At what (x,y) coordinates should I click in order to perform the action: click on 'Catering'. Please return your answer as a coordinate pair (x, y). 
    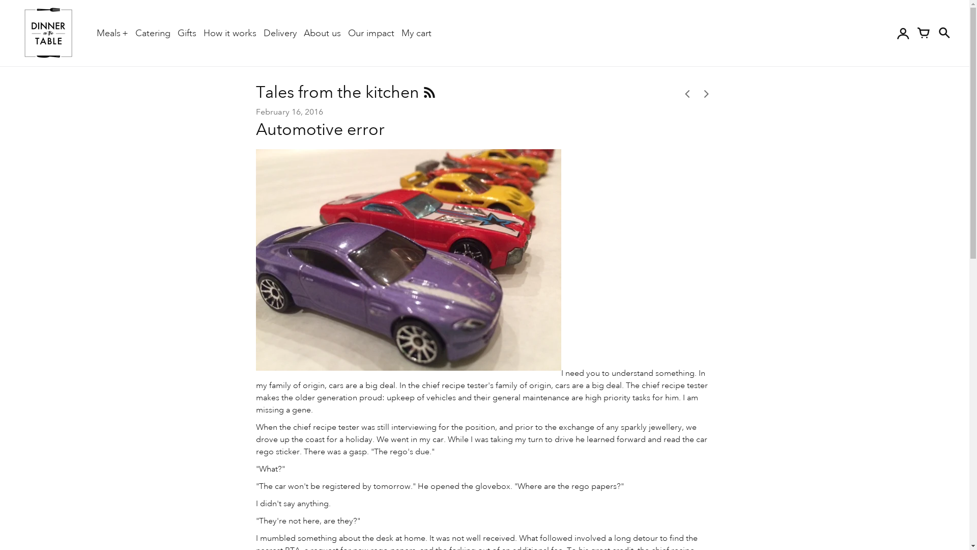
    Looking at the image, I should click on (152, 32).